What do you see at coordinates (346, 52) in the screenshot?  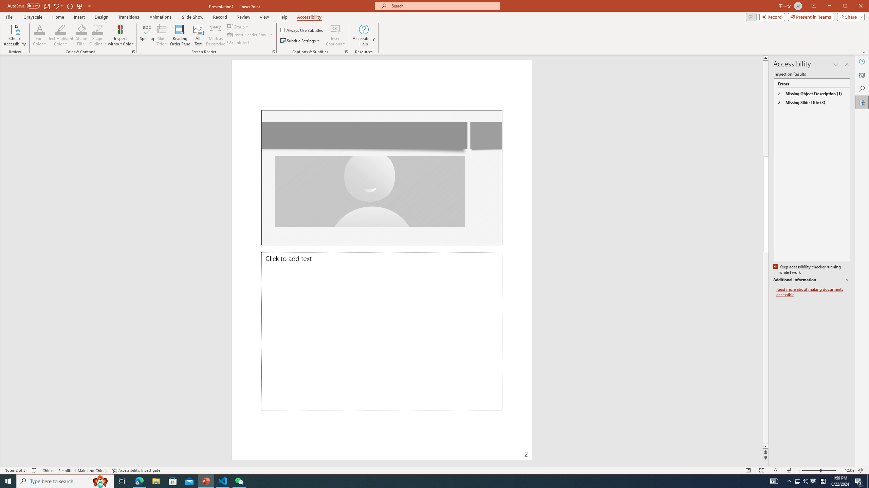 I see `'Captions & Subtitles'` at bounding box center [346, 52].